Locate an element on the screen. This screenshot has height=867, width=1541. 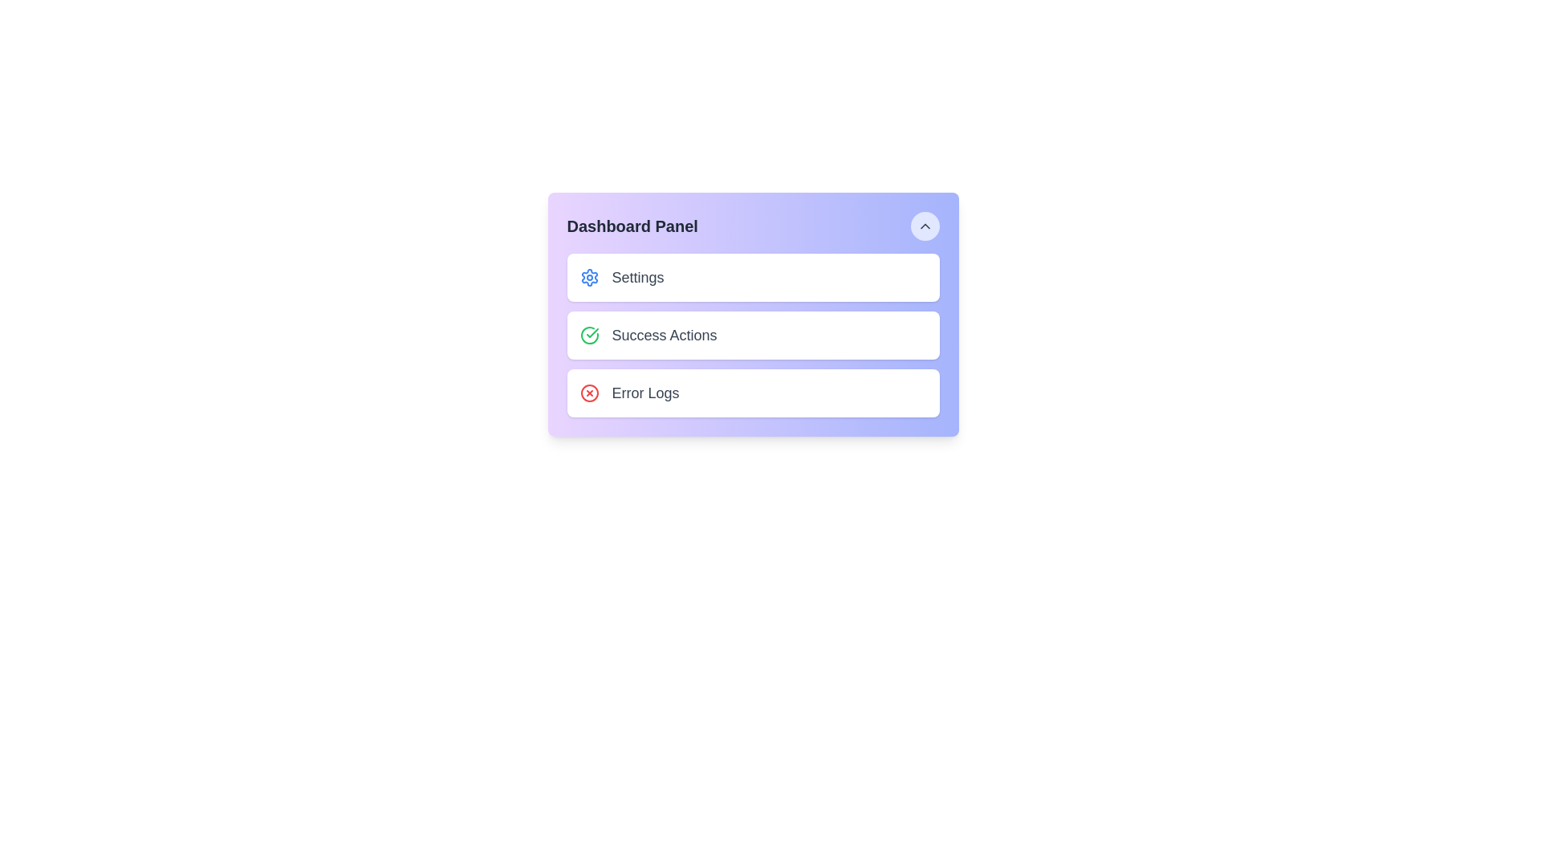
the chevron icon in the top-right corner of the 'Dashboard Panel' card is located at coordinates (925, 226).